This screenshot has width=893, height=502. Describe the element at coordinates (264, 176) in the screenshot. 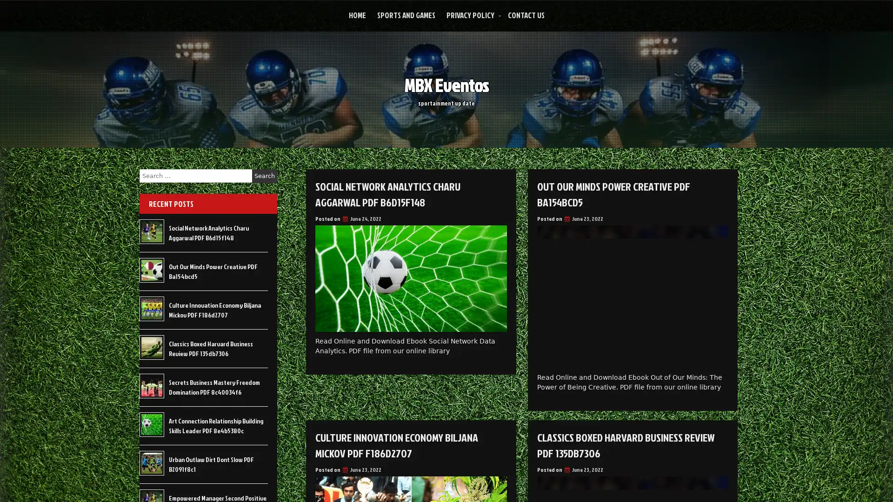

I see `Search` at that location.